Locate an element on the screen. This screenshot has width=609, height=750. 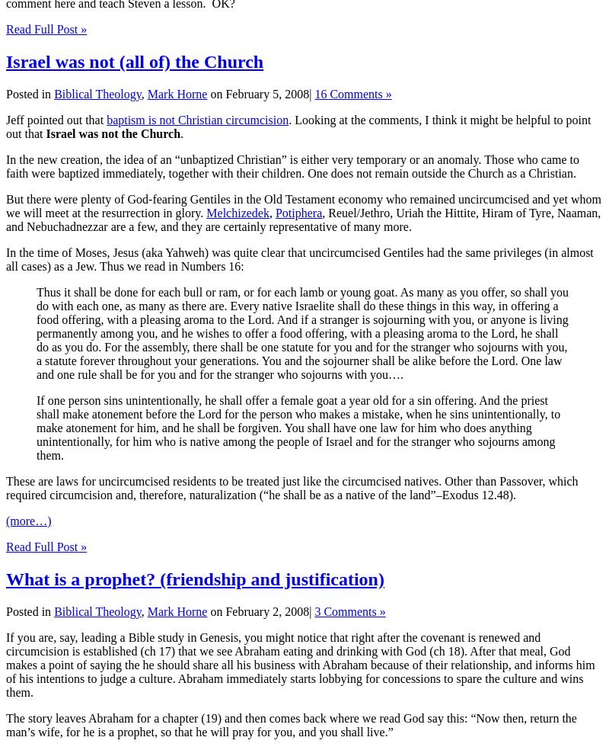
'If you are, say, leading a Bible study in Genesis, you might notice that right after the covenant is renewed and circumcision is established (ch 17) that we see Abraham eating and drinking with God (ch 18).  After that meal, God makes a point of saying the he should share all his business with Abraham because of their relationship, and informs him of his intentions to judge a culture.  Abraham immediately starts lobbying for concessions to spare the culture and wins them.' is located at coordinates (299, 664).